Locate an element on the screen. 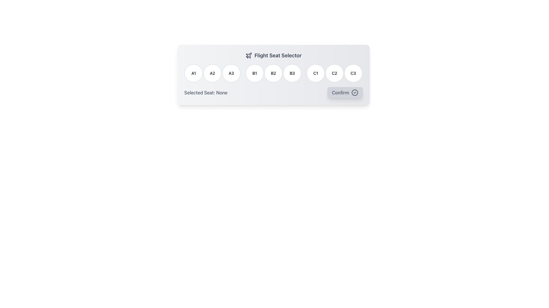  the circular button labeled 'A2' in the flight seat selector grid is located at coordinates (273, 73).